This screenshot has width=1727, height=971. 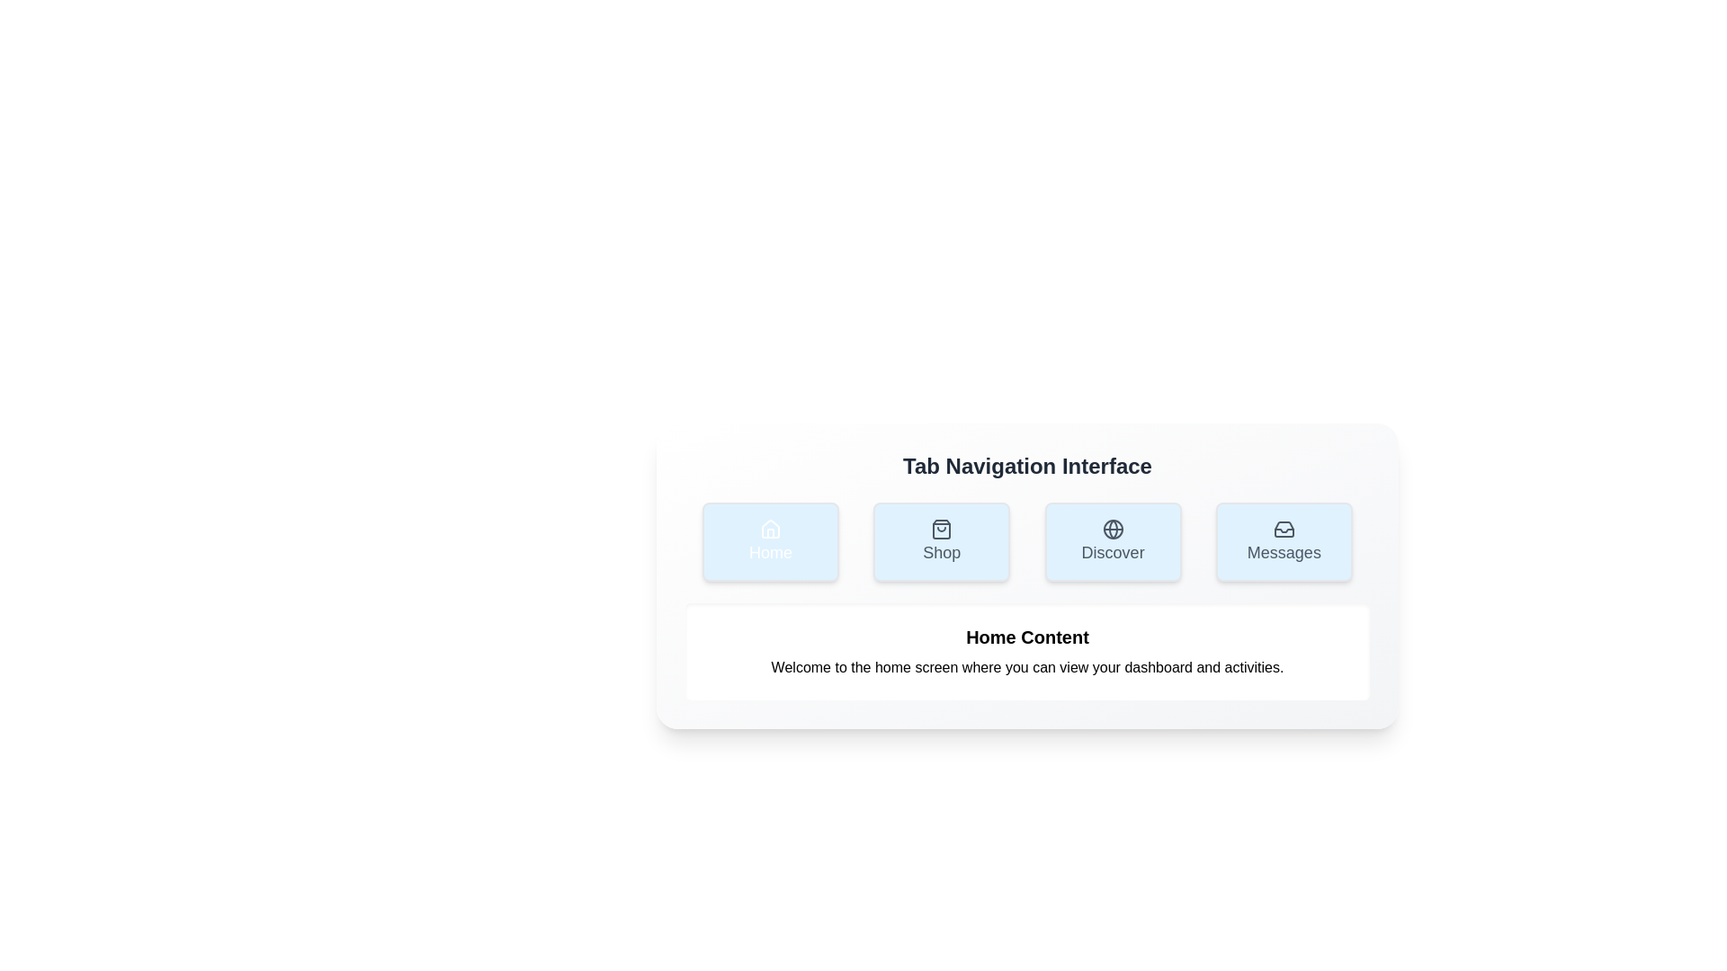 I want to click on the navigation button for 'Messages', located at the far-right position among four navigation buttons including 'Home', 'Shop', and 'Discover', so click(x=1283, y=540).